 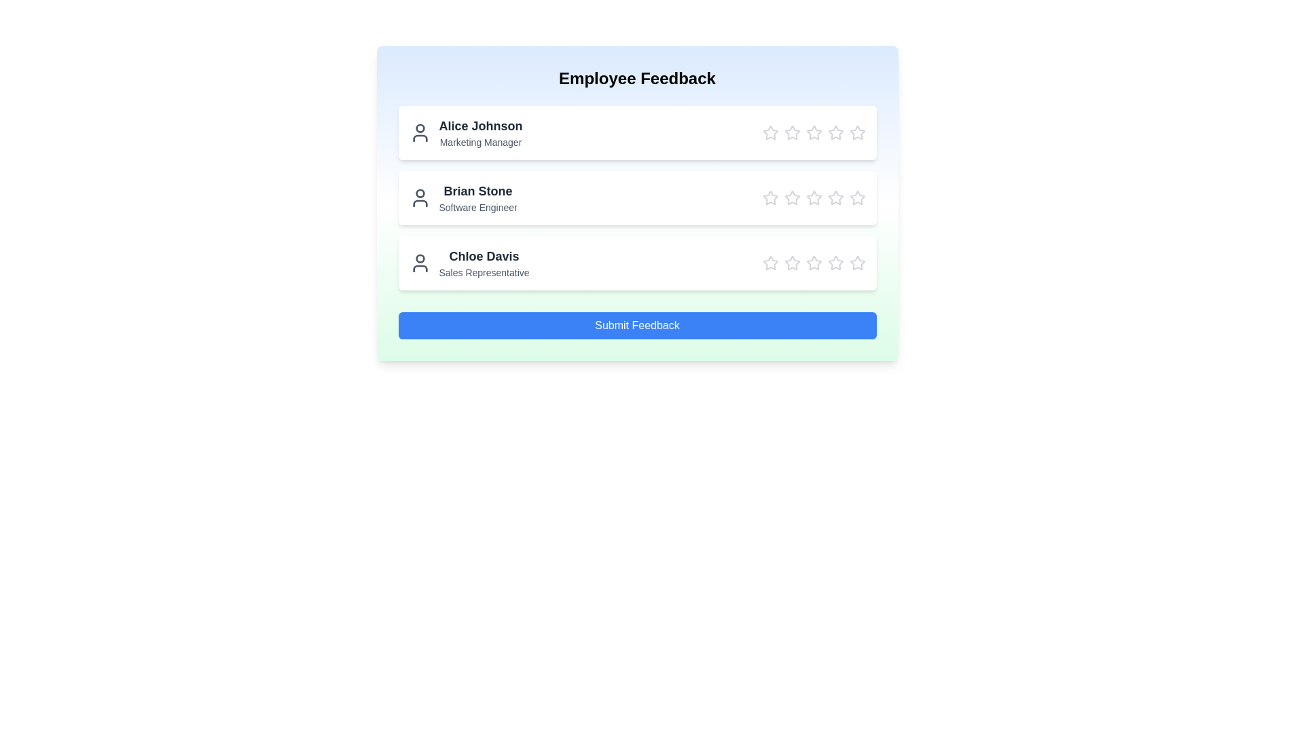 I want to click on the 'Submit Feedback' button, so click(x=636, y=325).